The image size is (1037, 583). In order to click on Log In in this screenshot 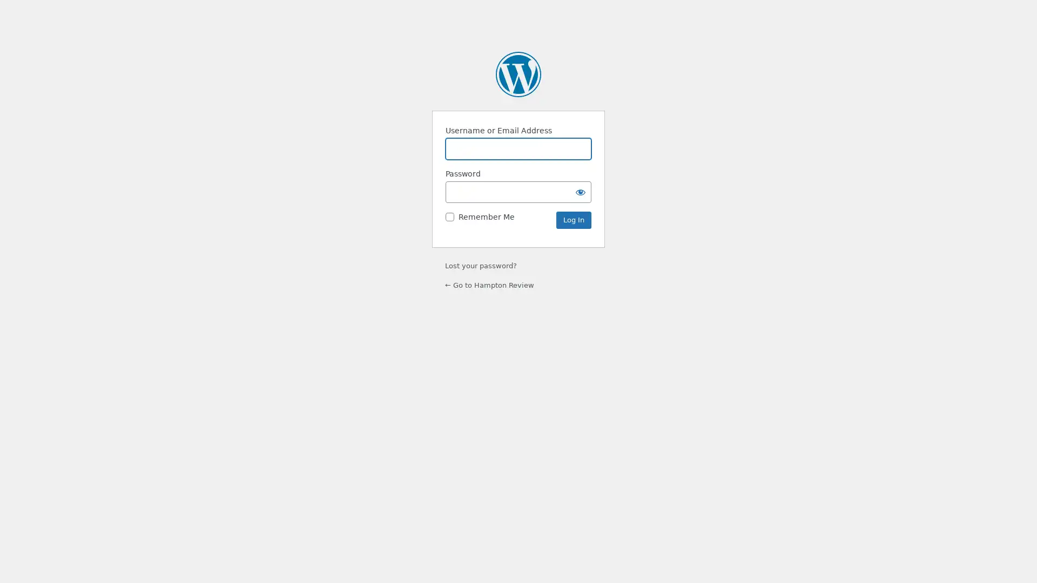, I will do `click(573, 220)`.